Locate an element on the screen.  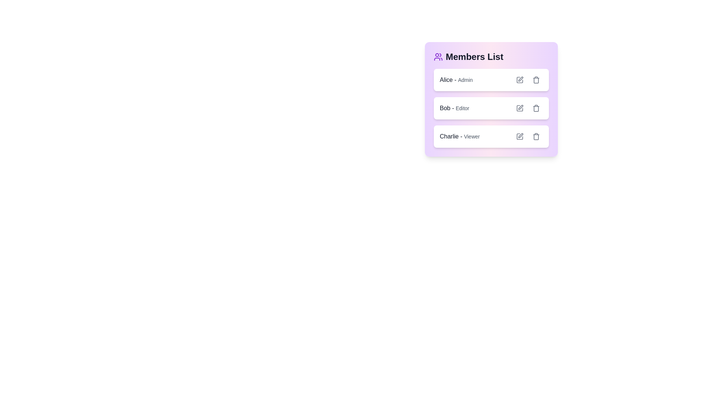
delete button next to Charlie to remove them from the list is located at coordinates (536, 136).